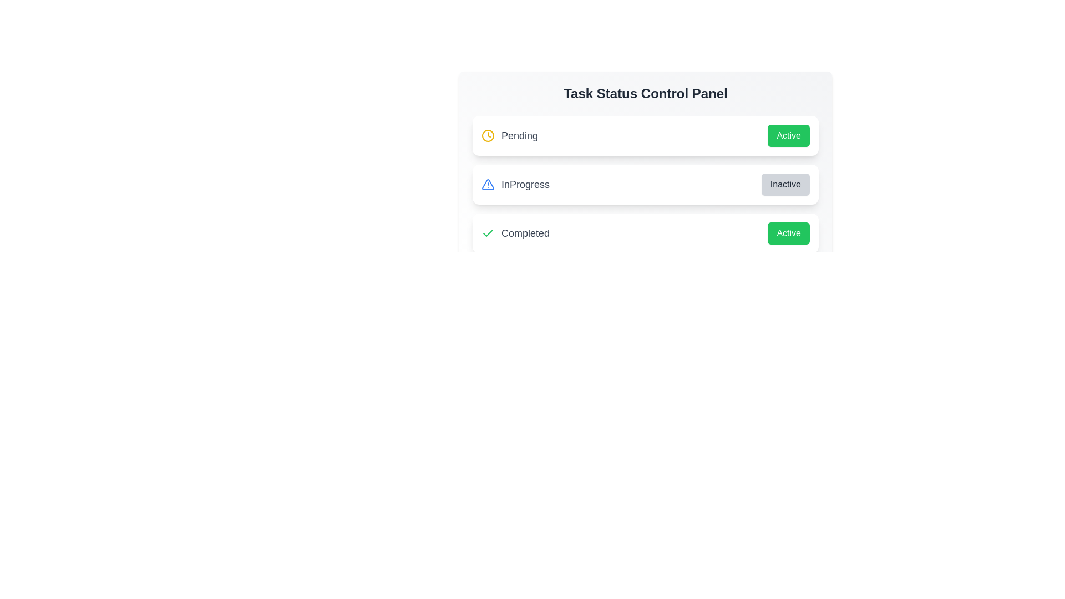  Describe the element at coordinates (488, 135) in the screenshot. I see `the icon for the task status Pending` at that location.